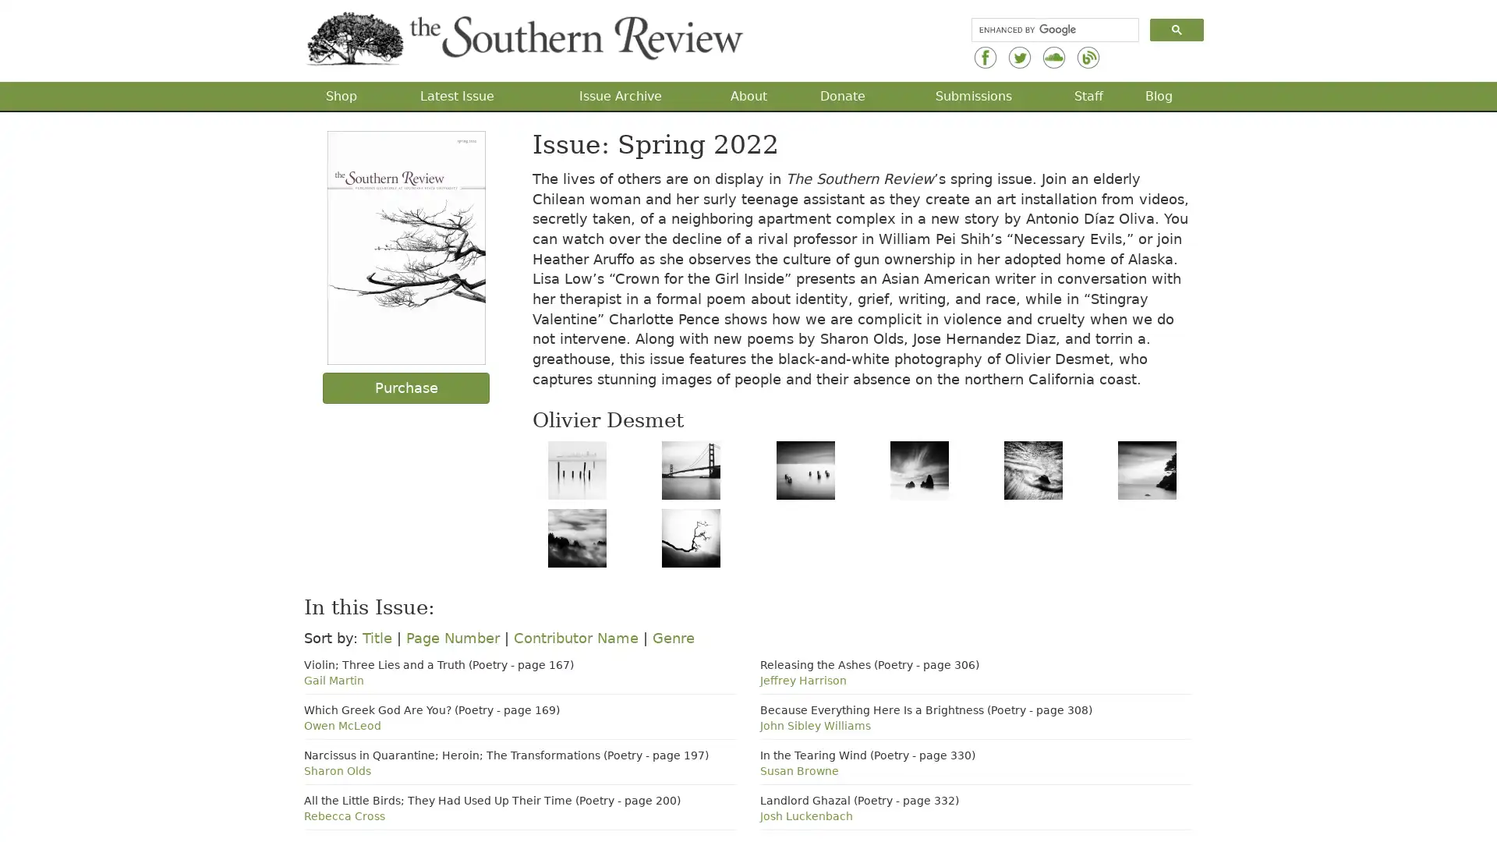 The height and width of the screenshot is (842, 1497). I want to click on search, so click(1177, 29).